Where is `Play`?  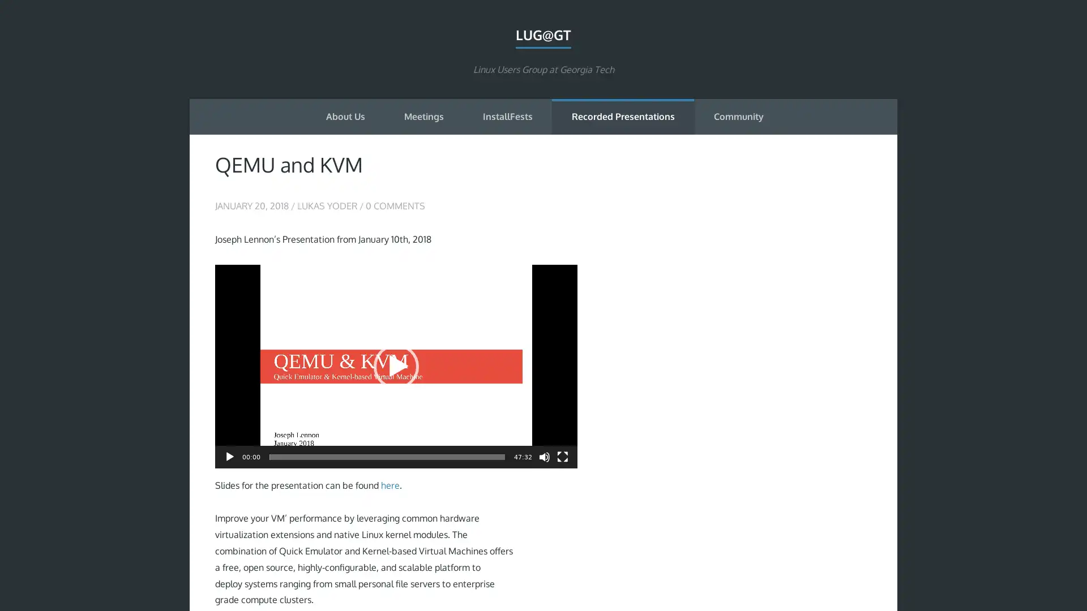 Play is located at coordinates (229, 455).